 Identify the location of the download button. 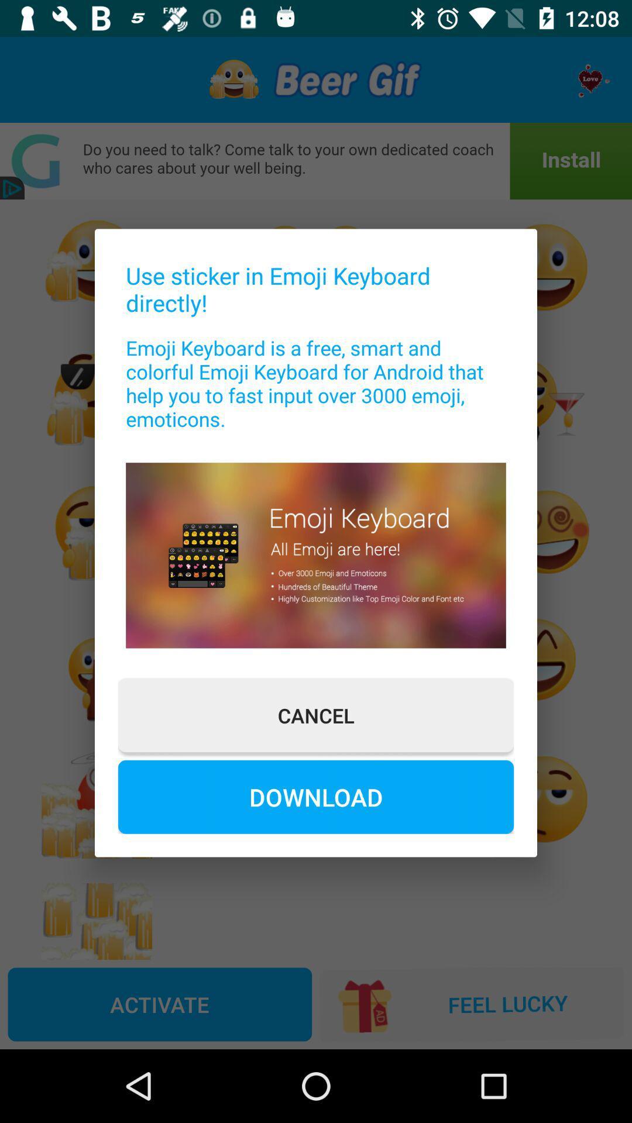
(316, 796).